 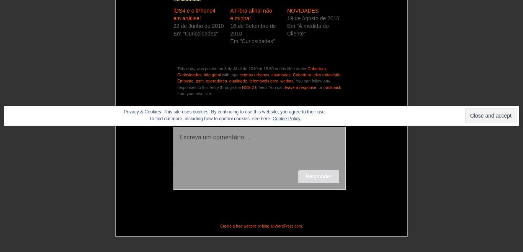 What do you see at coordinates (211, 118) in the screenshot?
I see `'To find out more, including how to control cookies, see here:'` at bounding box center [211, 118].